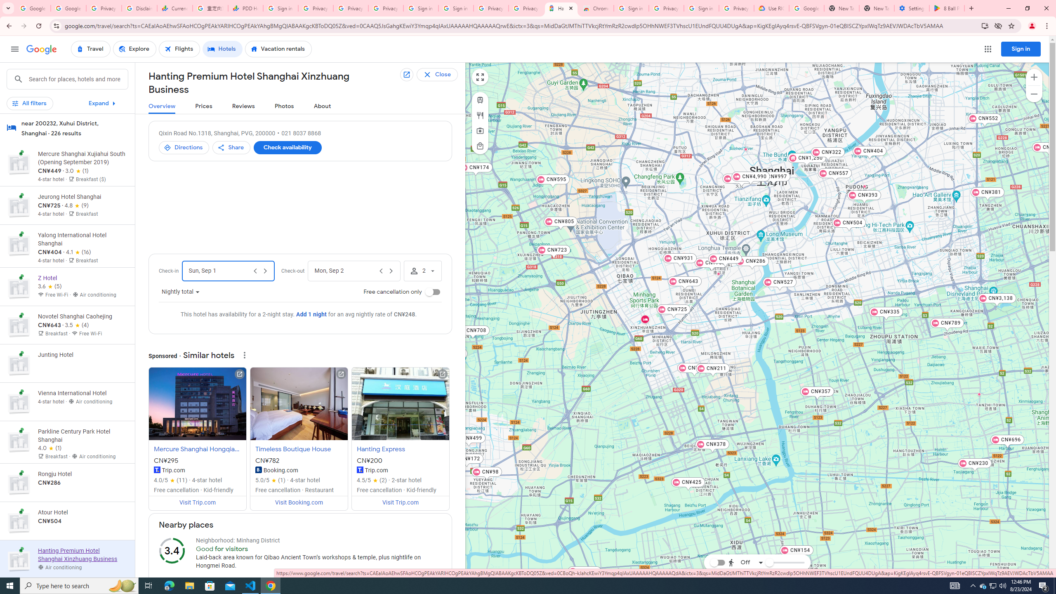  What do you see at coordinates (82, 549) in the screenshot?
I see `'View prices for Atour Hotel'` at bounding box center [82, 549].